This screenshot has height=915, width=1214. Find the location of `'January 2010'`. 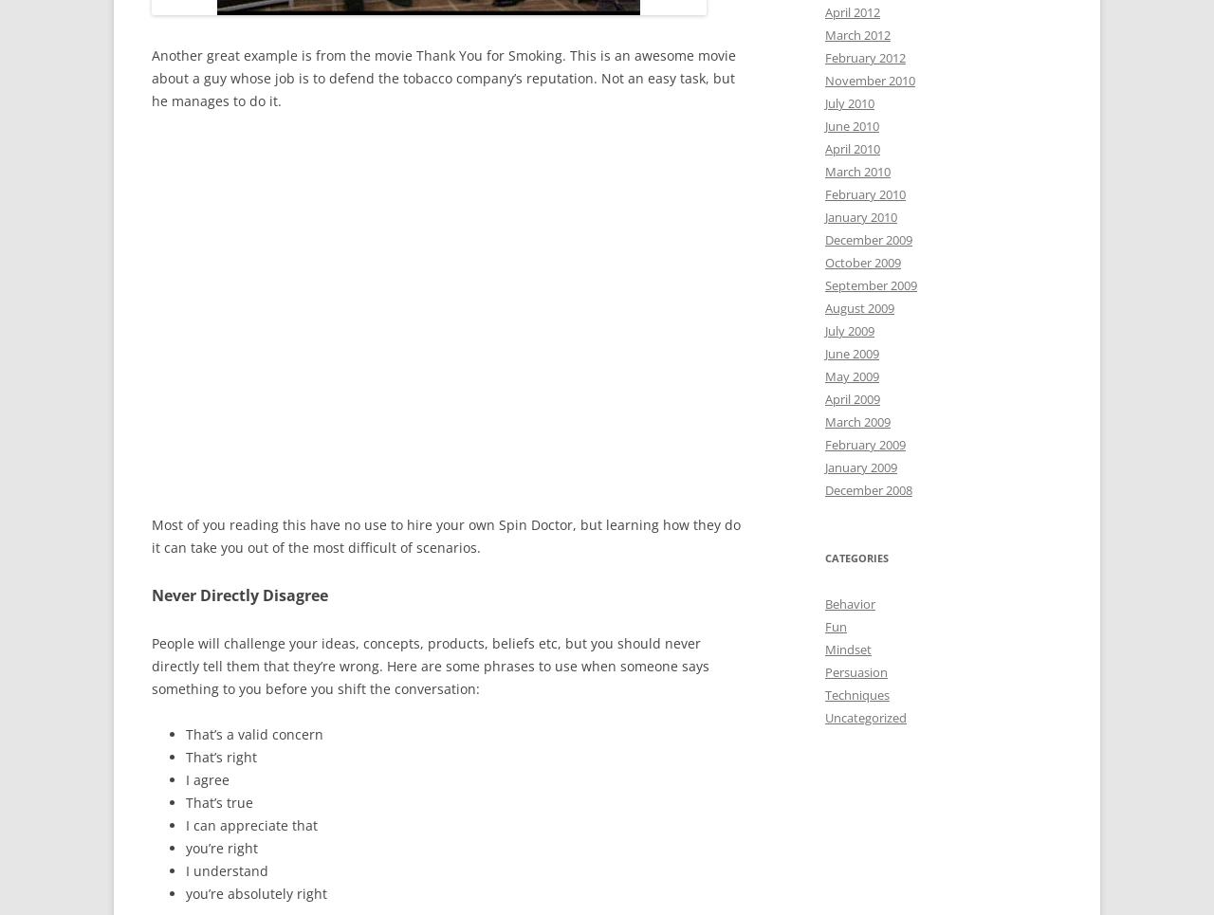

'January 2010' is located at coordinates (860, 215).